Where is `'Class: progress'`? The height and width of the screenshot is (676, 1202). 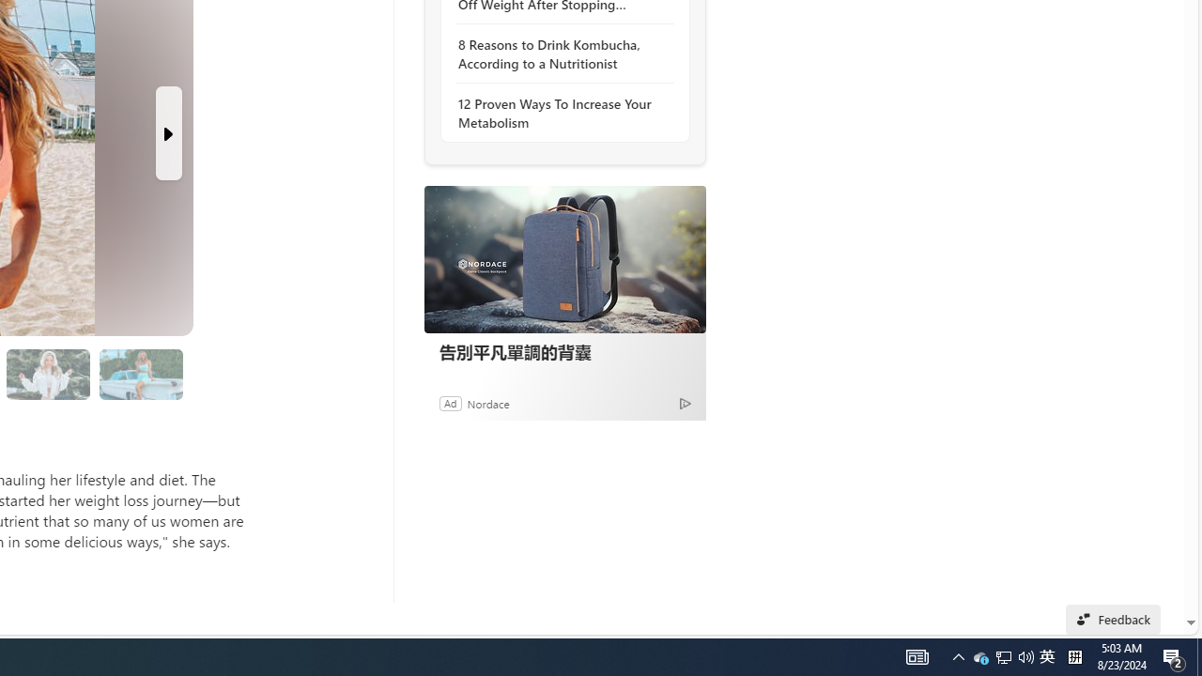 'Class: progress' is located at coordinates (140, 371).